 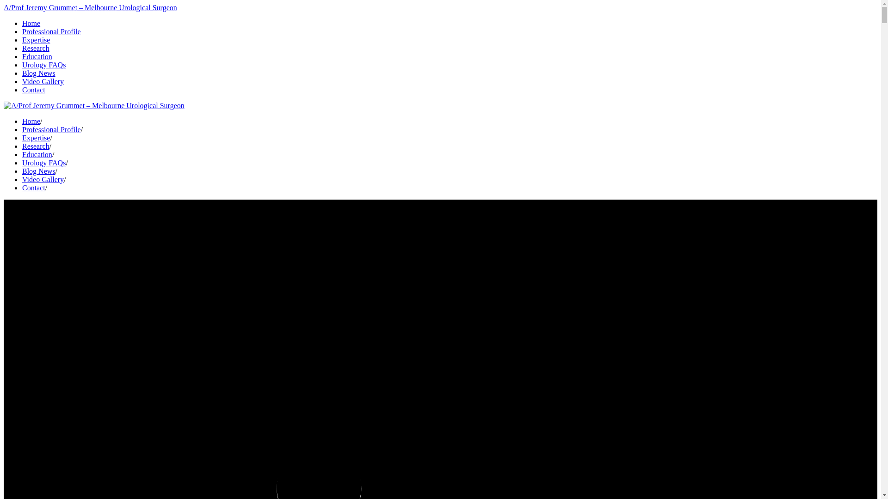 I want to click on 'Contact', so click(x=33, y=187).